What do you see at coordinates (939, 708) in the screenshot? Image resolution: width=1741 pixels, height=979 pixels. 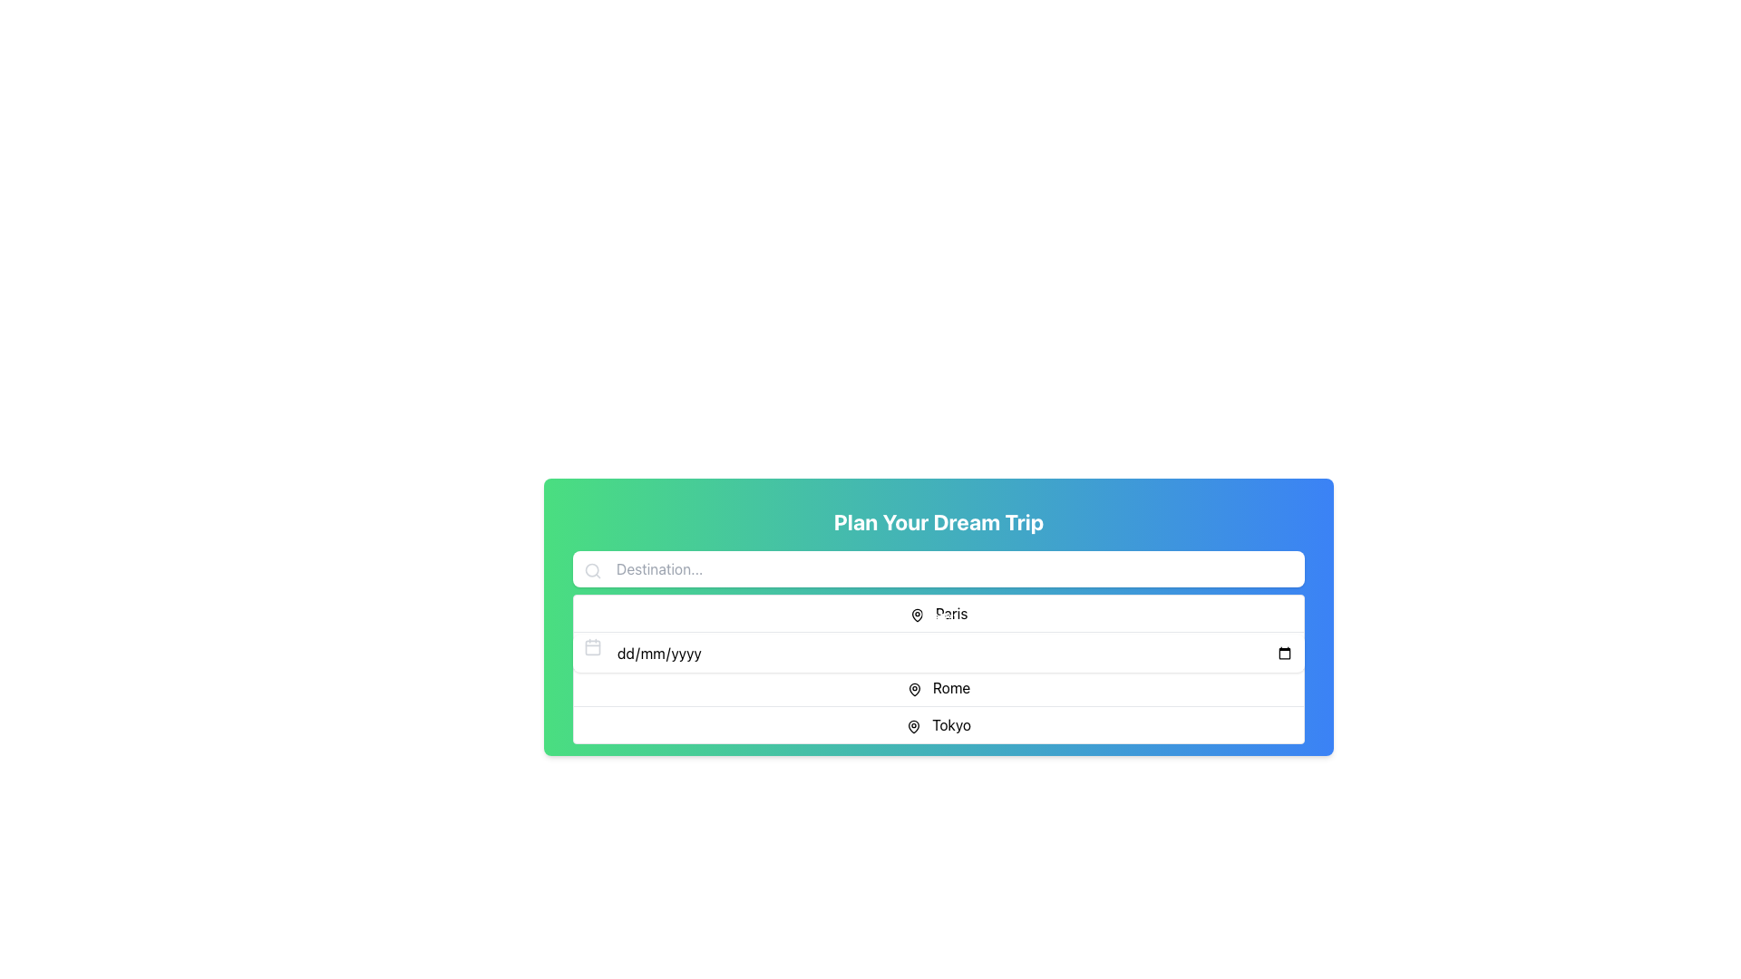 I see `the 'Plan Your Dream Trip' button to change its visual state before initiating the trip planning process` at bounding box center [939, 708].